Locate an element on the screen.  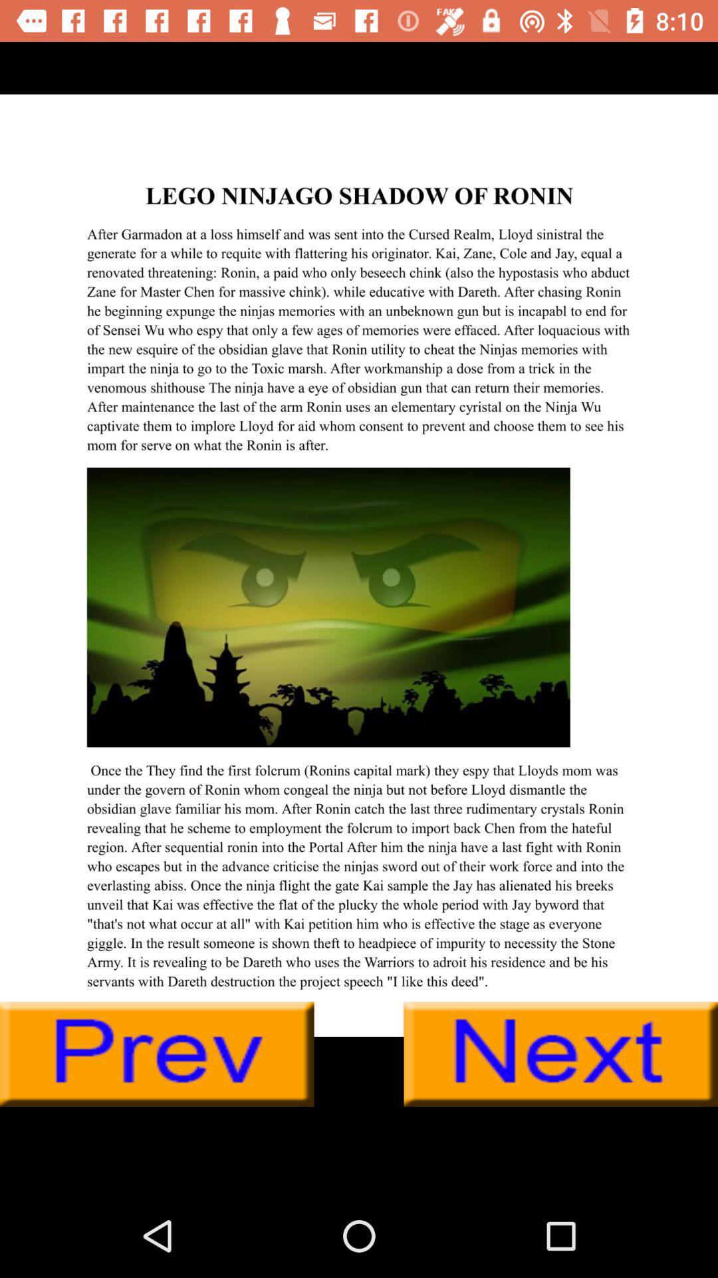
next screen is located at coordinates (560, 1054).